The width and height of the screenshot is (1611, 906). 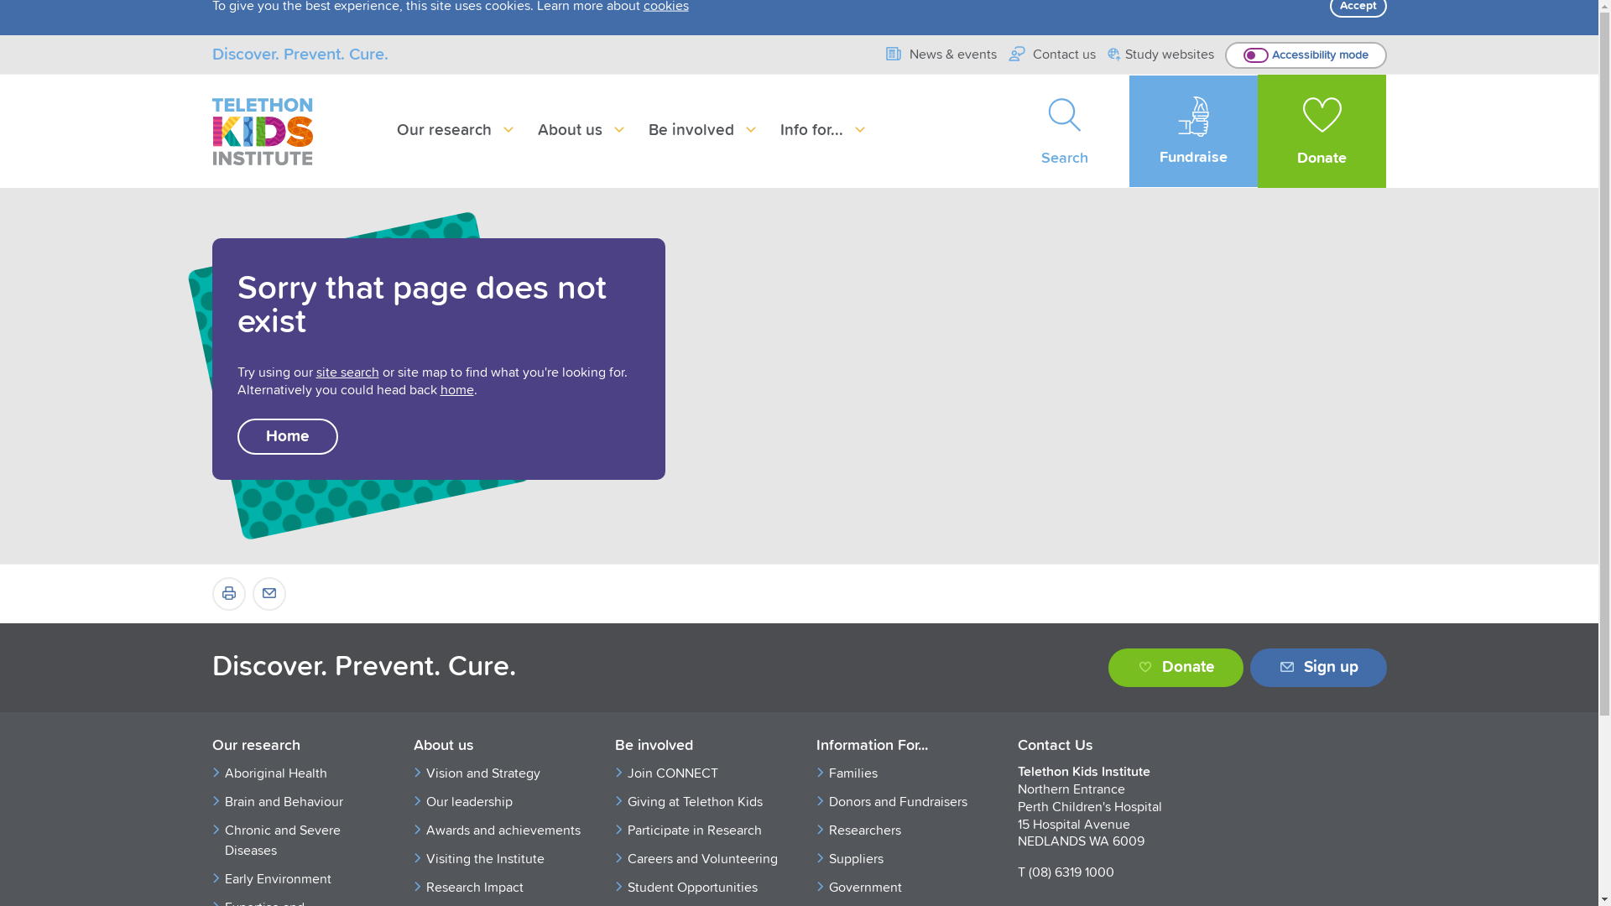 What do you see at coordinates (940, 54) in the screenshot?
I see `'News & events'` at bounding box center [940, 54].